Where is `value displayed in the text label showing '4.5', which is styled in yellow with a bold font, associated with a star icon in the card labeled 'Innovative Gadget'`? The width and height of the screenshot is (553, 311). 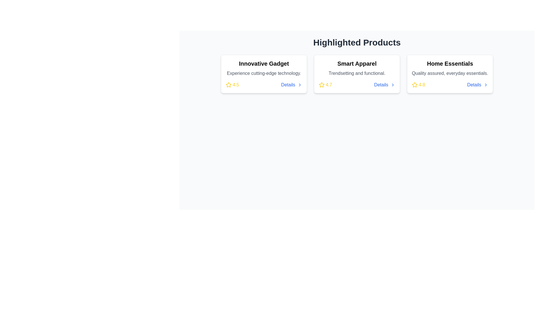 value displayed in the text label showing '4.5', which is styled in yellow with a bold font, associated with a star icon in the card labeled 'Innovative Gadget' is located at coordinates (236, 85).